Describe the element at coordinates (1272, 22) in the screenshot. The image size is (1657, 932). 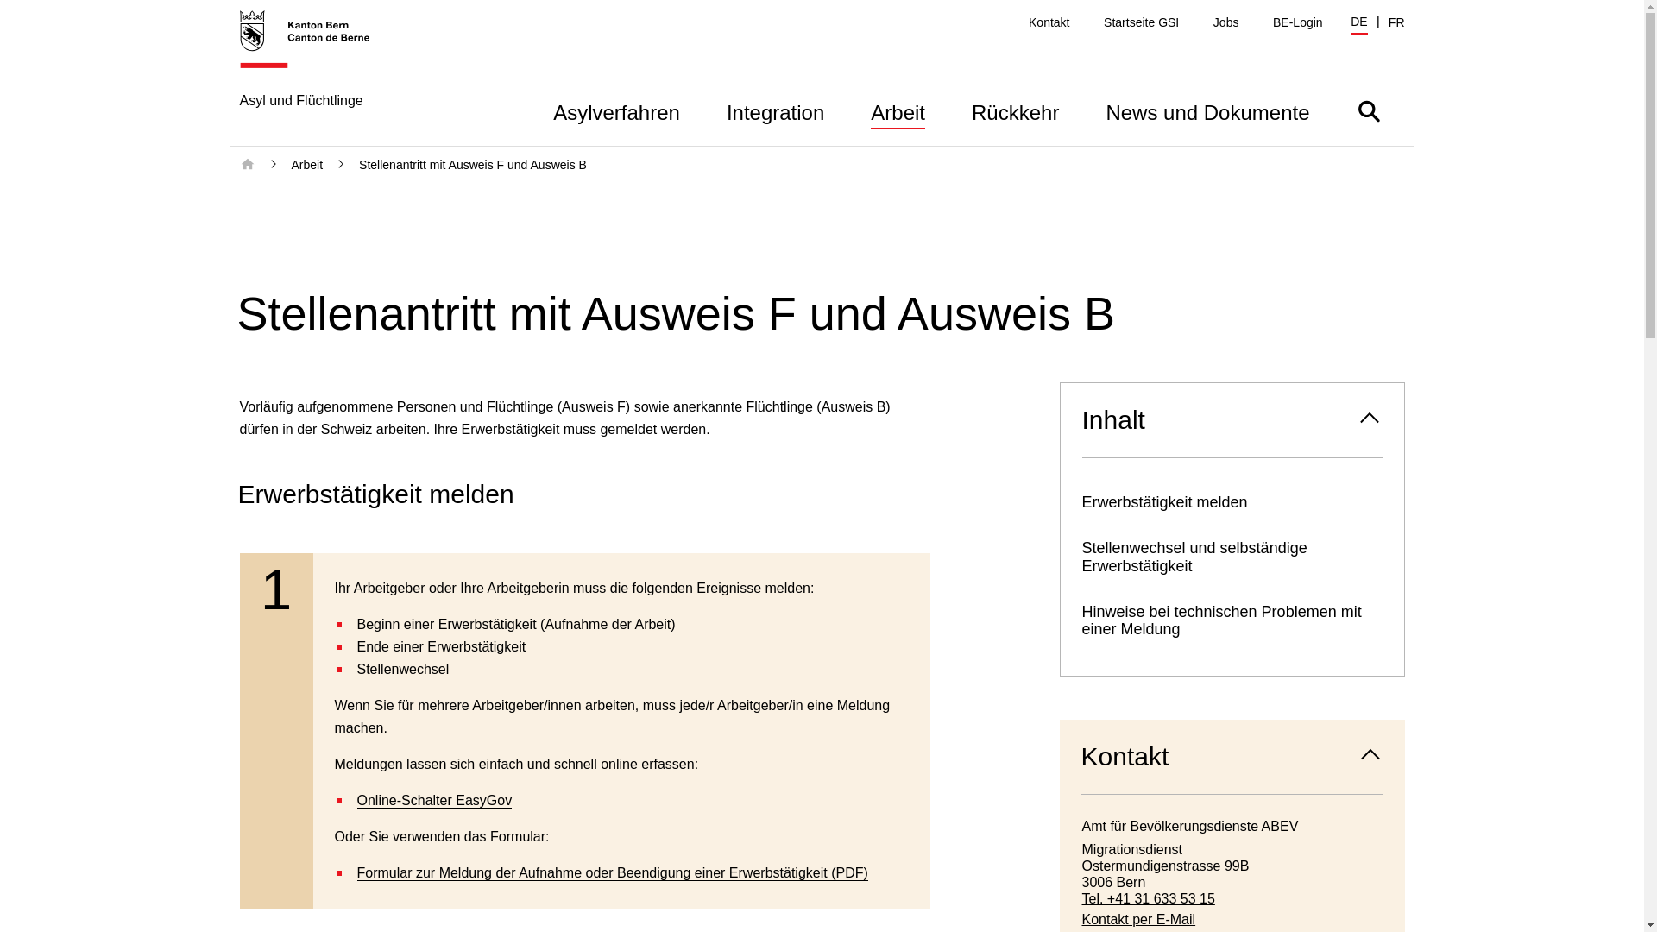
I see `'BE-Login'` at that location.